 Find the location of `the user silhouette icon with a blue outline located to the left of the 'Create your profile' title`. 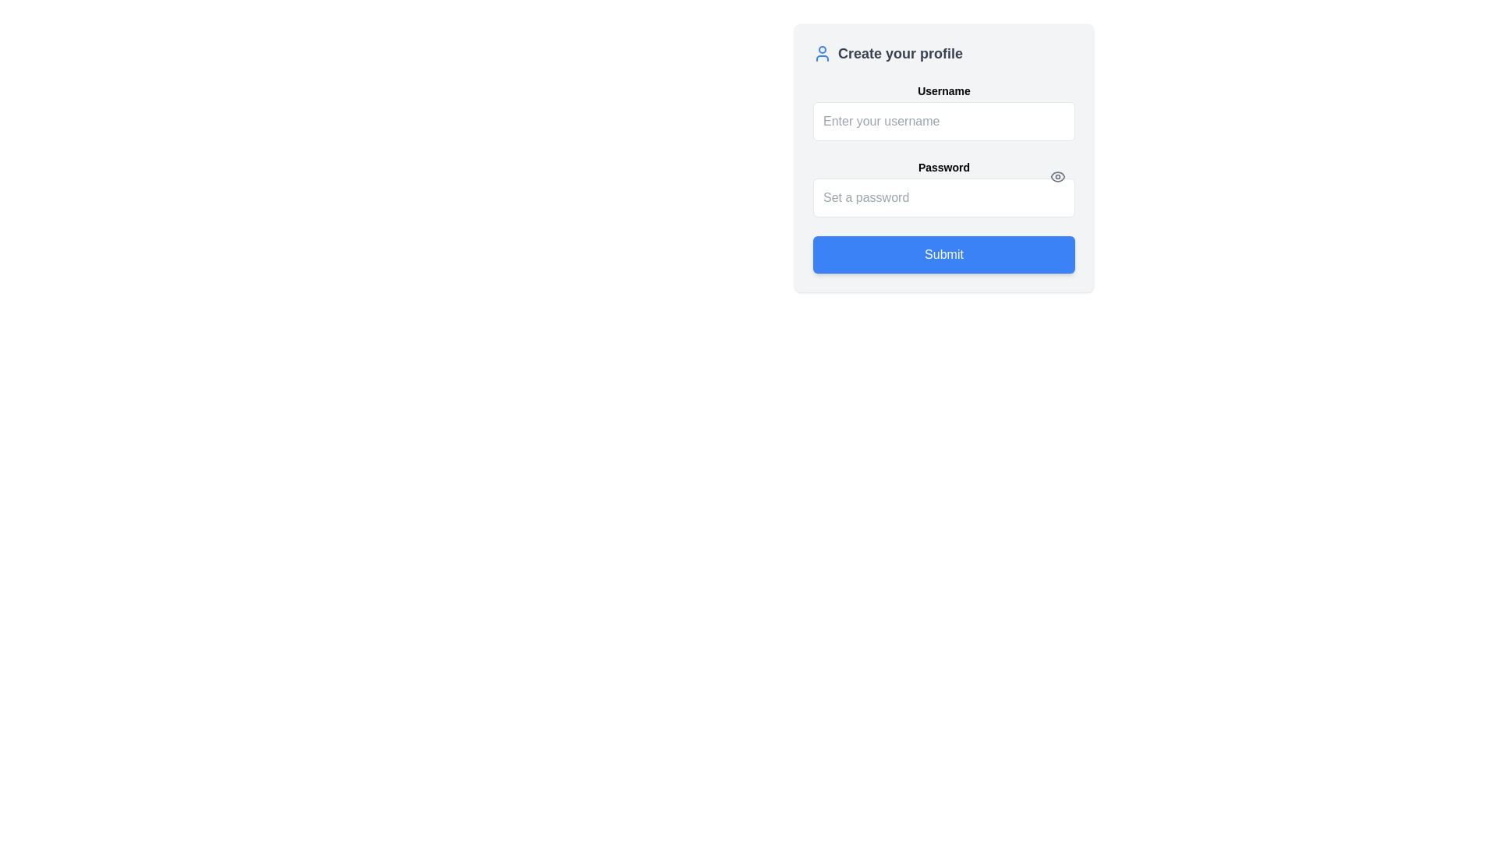

the user silhouette icon with a blue outline located to the left of the 'Create your profile' title is located at coordinates (822, 53).